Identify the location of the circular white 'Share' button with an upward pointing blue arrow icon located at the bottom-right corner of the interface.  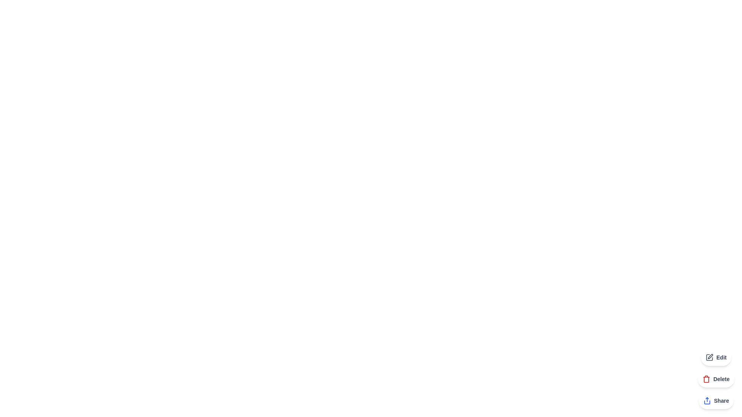
(715, 400).